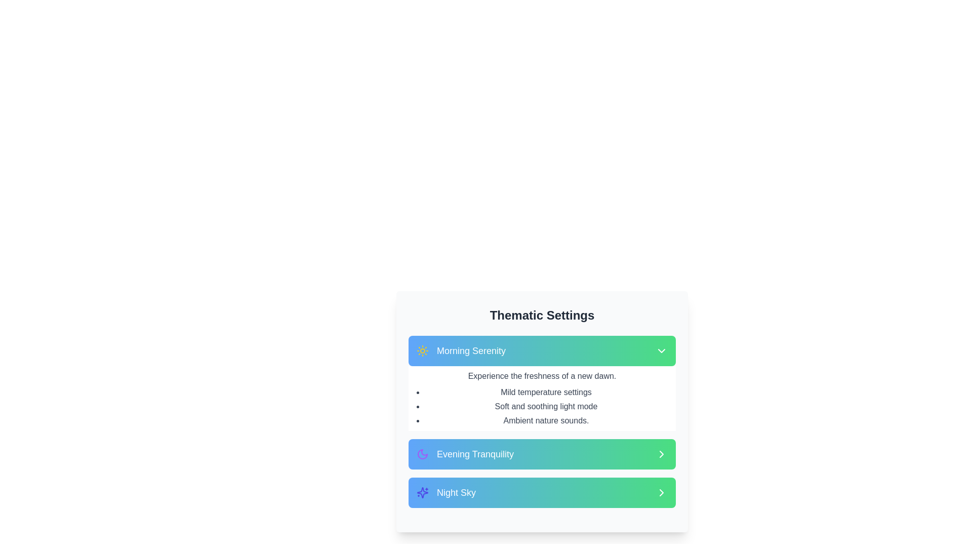  Describe the element at coordinates (541, 383) in the screenshot. I see `text content of the Information display section titled 'Morning Serenity' which includes the descriptive text and feature list` at that location.